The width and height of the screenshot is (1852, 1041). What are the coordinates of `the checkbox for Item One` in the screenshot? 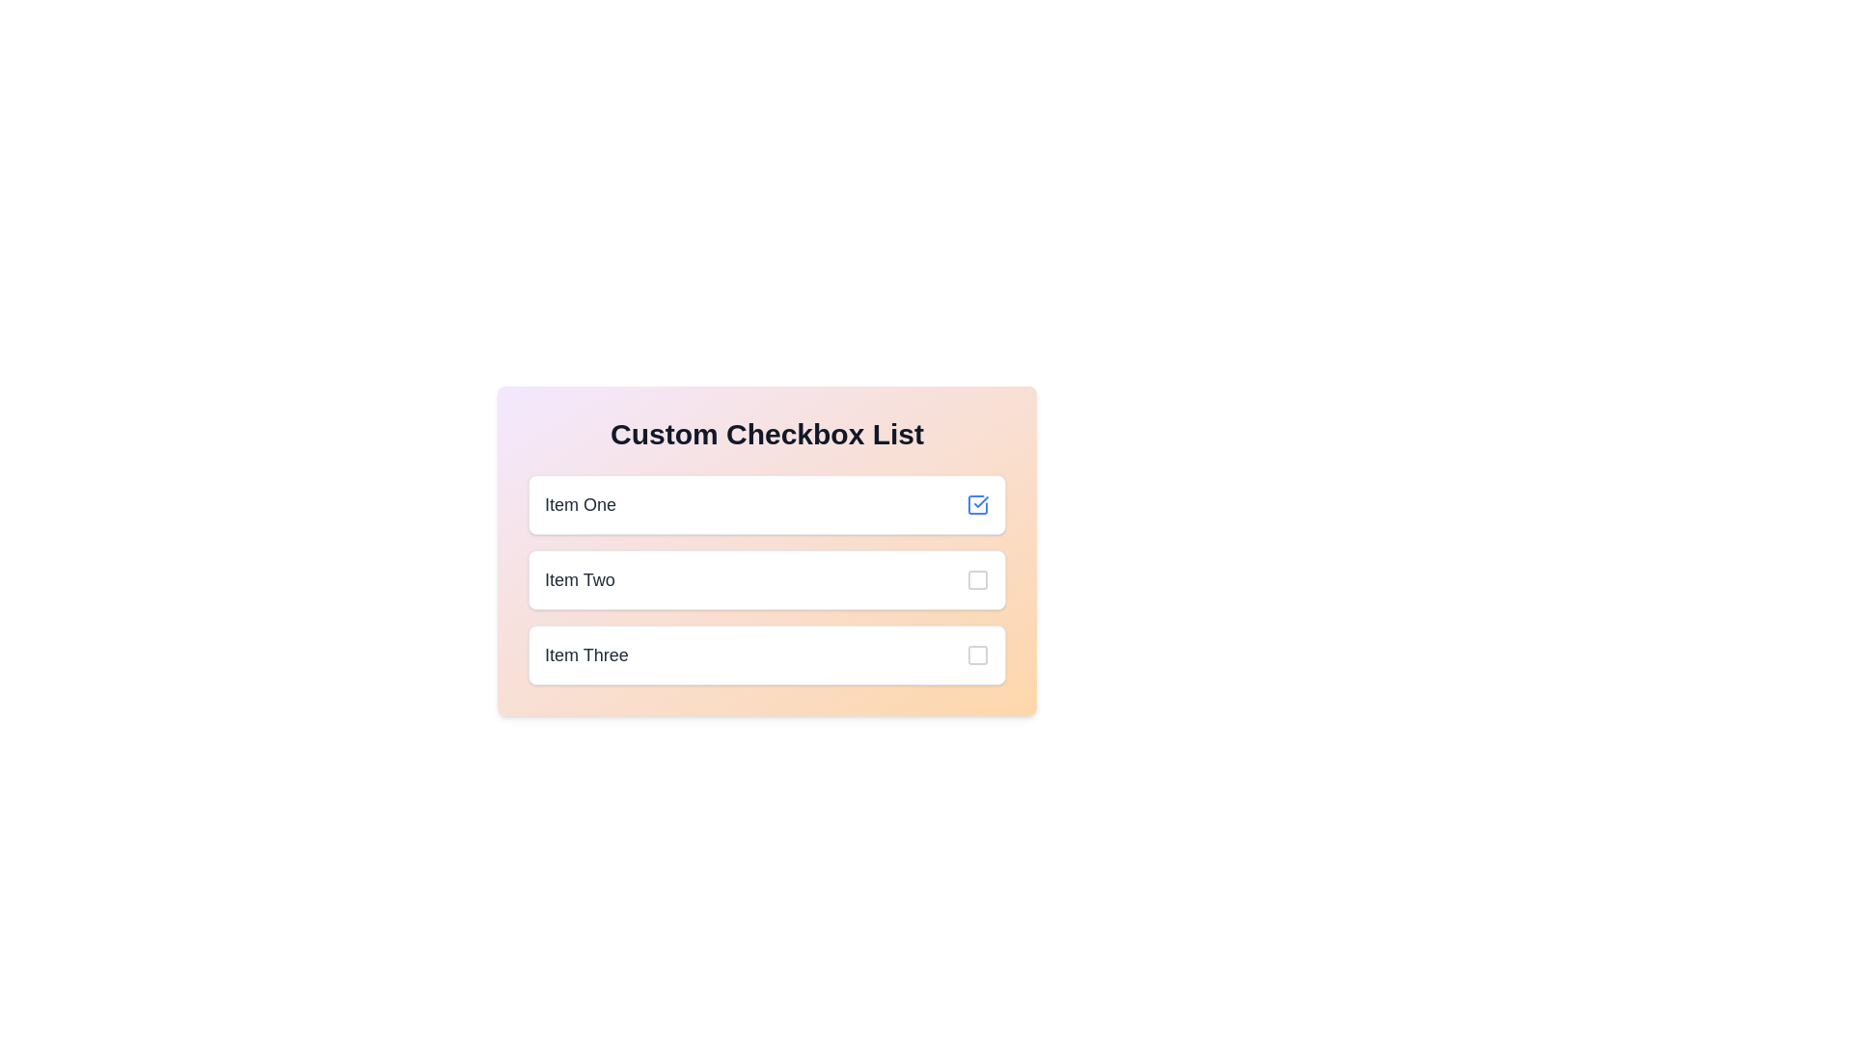 It's located at (766, 504).